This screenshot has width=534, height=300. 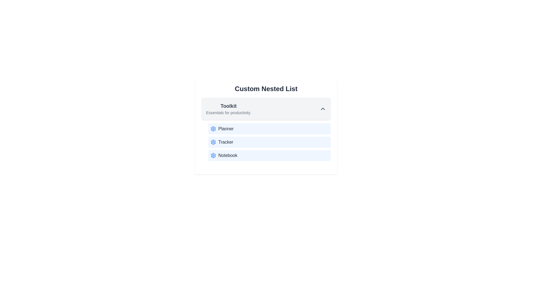 What do you see at coordinates (270, 155) in the screenshot?
I see `the list item Notebook` at bounding box center [270, 155].